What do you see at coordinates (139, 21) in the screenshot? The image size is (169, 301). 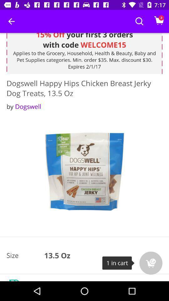 I see `the symbol which is to the immediate left of cart symbol` at bounding box center [139, 21].